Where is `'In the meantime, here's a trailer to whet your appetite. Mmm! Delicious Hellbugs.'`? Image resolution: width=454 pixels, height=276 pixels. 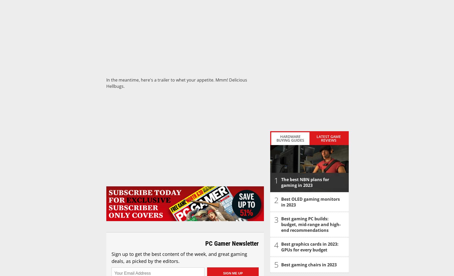
'In the meantime, here's a trailer to whet your appetite. Mmm! Delicious Hellbugs.' is located at coordinates (176, 83).